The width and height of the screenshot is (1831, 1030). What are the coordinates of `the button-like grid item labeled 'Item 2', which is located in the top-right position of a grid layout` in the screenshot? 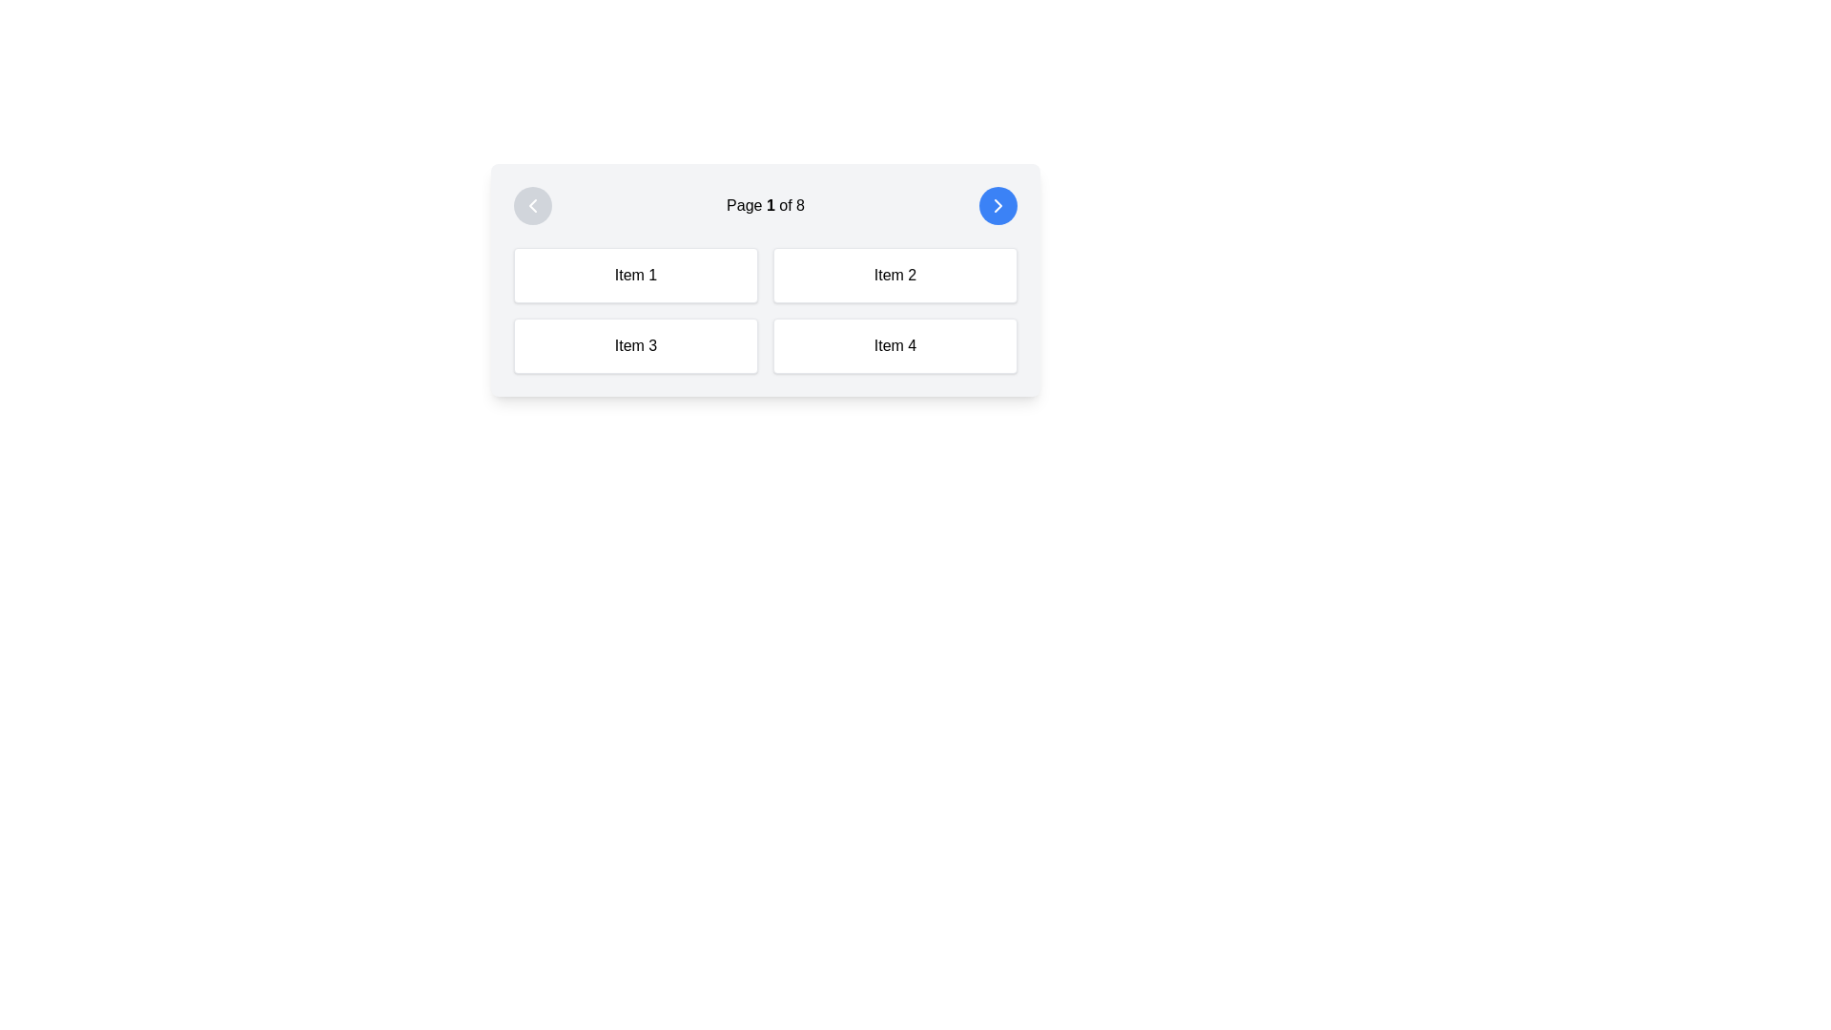 It's located at (895, 276).